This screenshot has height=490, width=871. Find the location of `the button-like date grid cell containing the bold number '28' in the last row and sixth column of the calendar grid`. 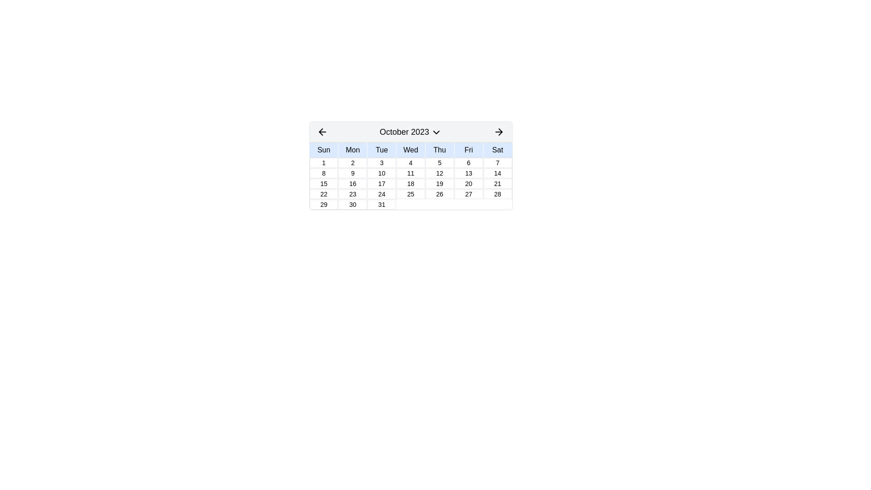

the button-like date grid cell containing the bold number '28' in the last row and sixth column of the calendar grid is located at coordinates (497, 194).